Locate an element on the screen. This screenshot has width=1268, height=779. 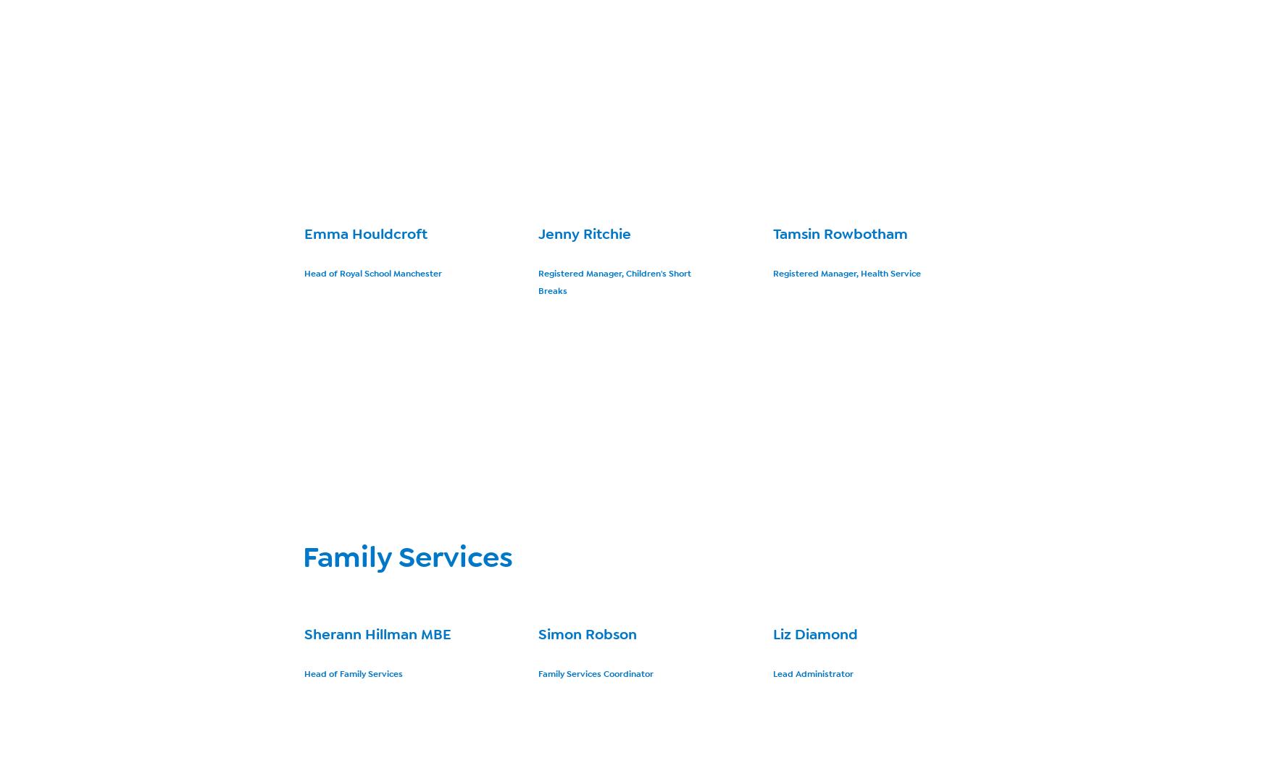
'Family Services Coordinator' is located at coordinates (596, 673).